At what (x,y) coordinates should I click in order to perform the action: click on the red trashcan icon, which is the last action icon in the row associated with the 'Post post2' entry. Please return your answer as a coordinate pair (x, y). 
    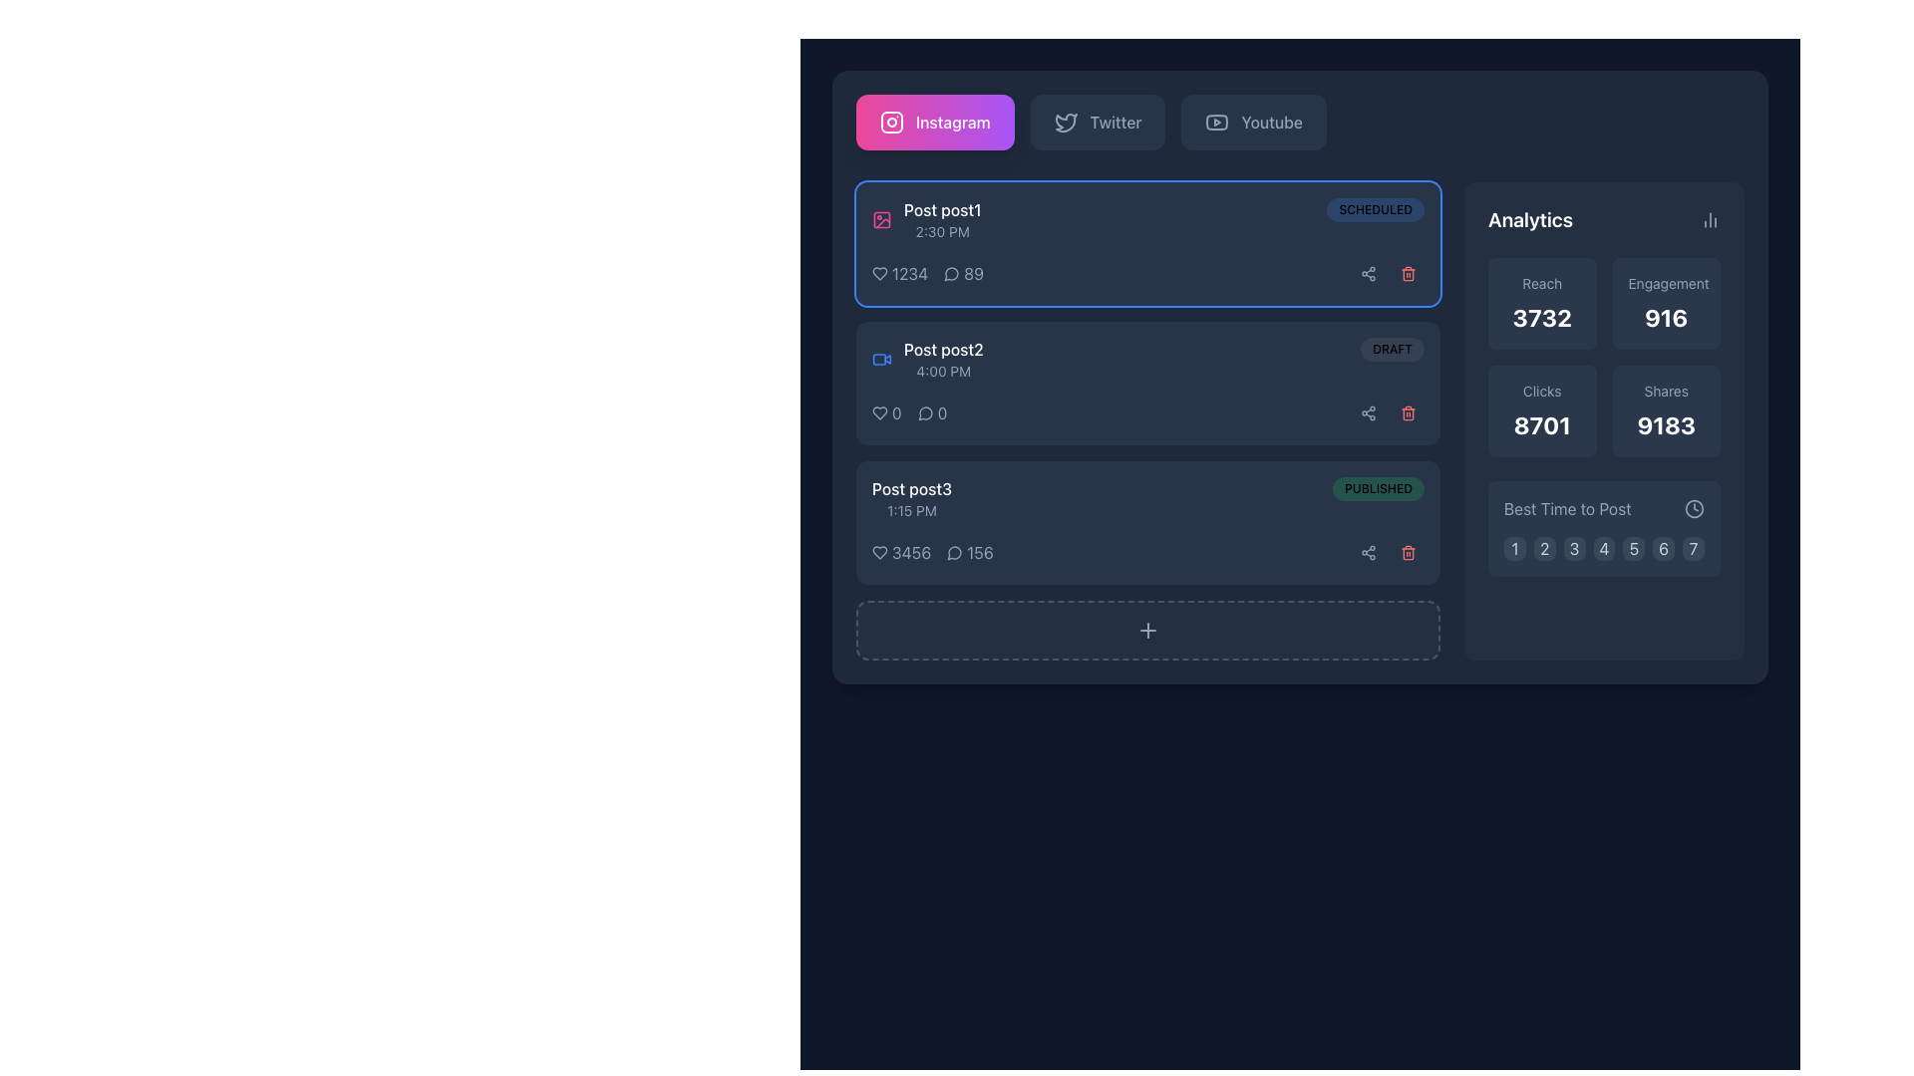
    Looking at the image, I should click on (1407, 412).